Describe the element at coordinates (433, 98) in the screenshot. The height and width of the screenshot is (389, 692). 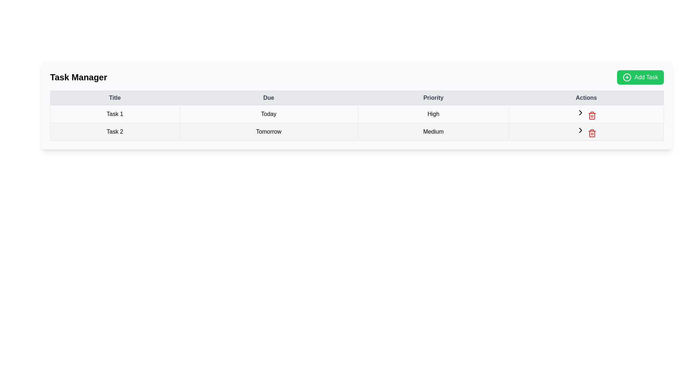
I see `the 'Priority' text label in the table header` at that location.